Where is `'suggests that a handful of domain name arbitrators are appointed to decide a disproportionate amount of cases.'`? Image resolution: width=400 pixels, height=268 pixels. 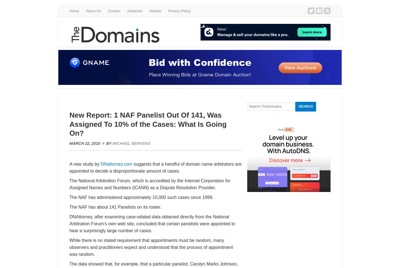 'suggests that a handful of domain name arbitrators are appointed to decide a disproportionate amount of cases.' is located at coordinates (69, 168).